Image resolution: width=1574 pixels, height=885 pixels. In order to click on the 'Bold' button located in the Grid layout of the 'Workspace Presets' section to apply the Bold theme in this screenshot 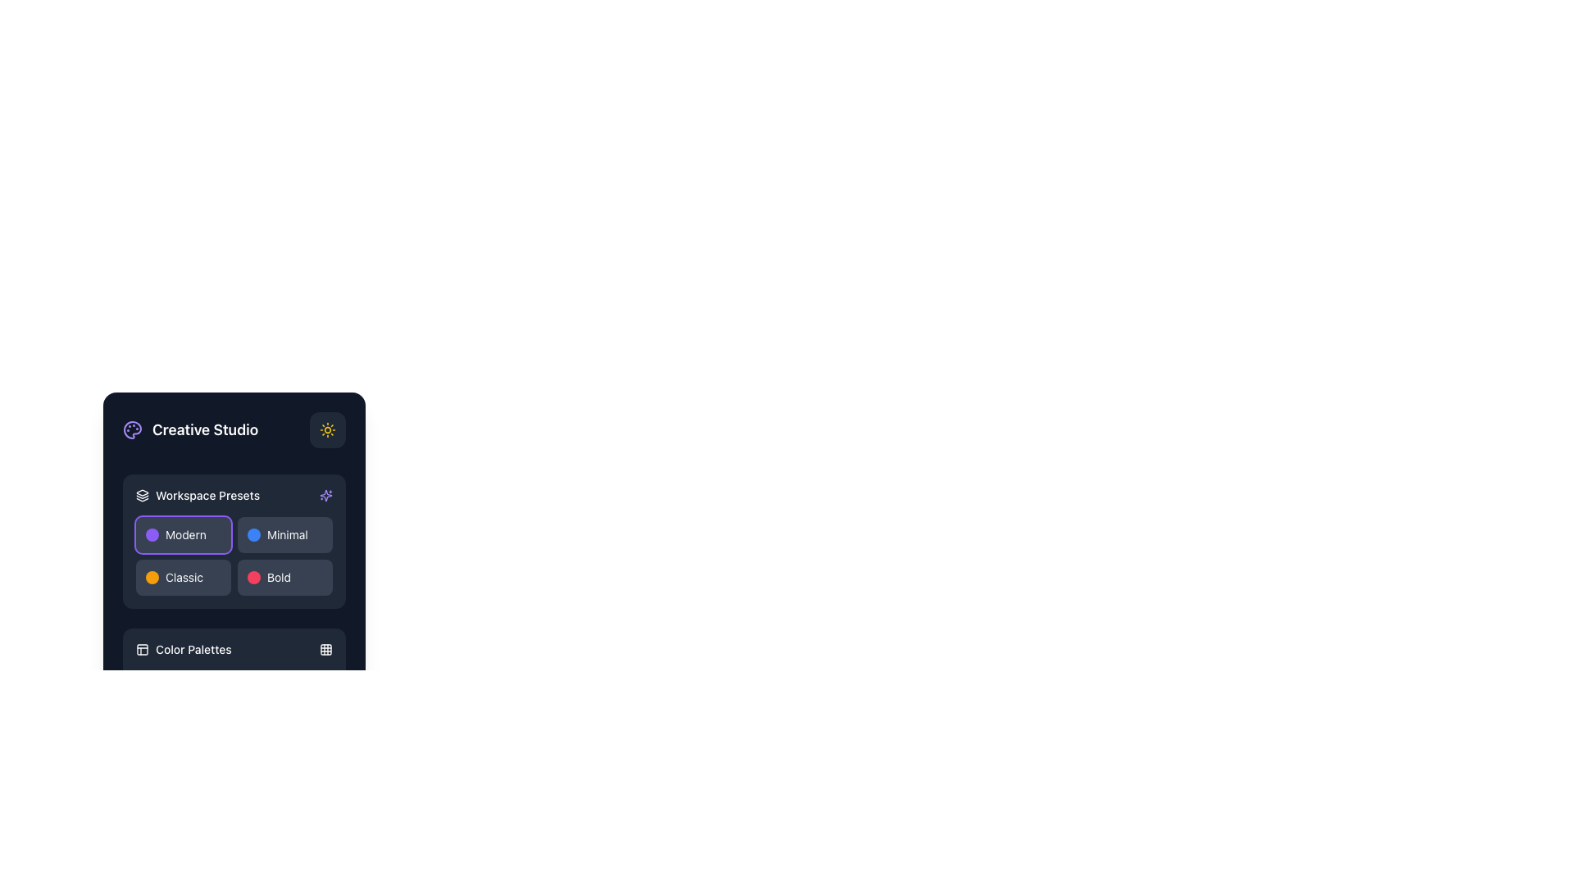, I will do `click(234, 555)`.